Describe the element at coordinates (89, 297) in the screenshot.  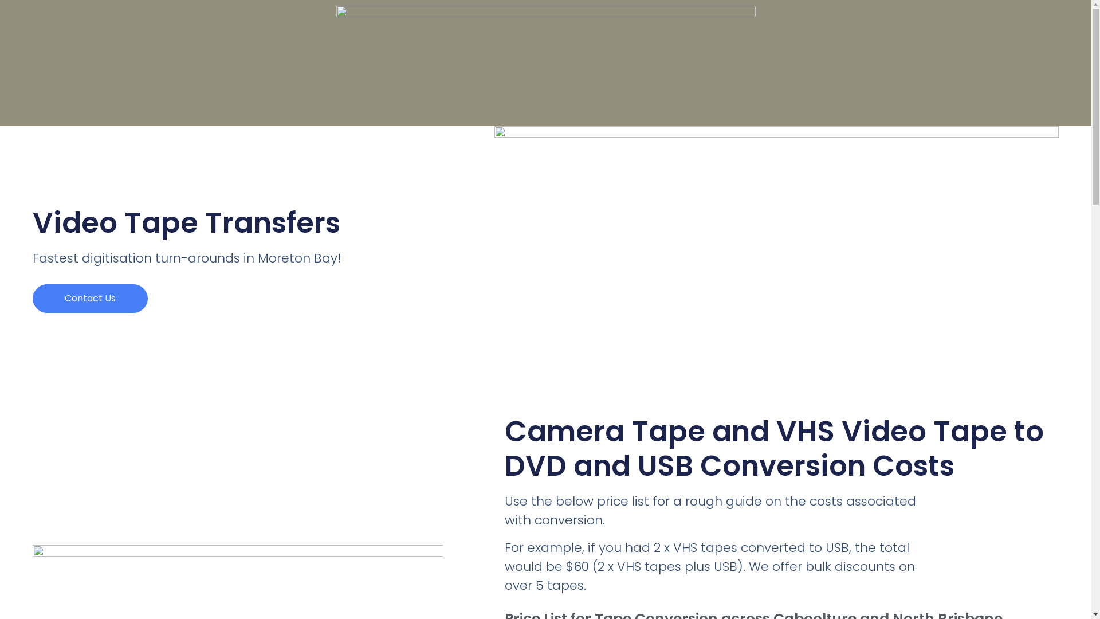
I see `'Contact Us'` at that location.